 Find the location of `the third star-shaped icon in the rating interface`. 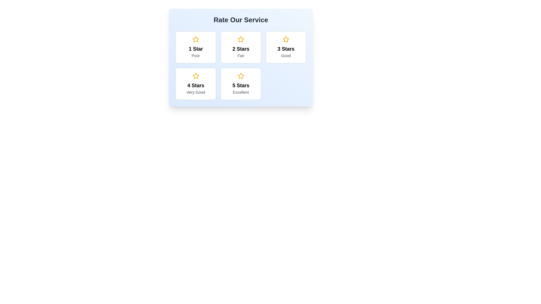

the third star-shaped icon in the rating interface is located at coordinates (286, 39).